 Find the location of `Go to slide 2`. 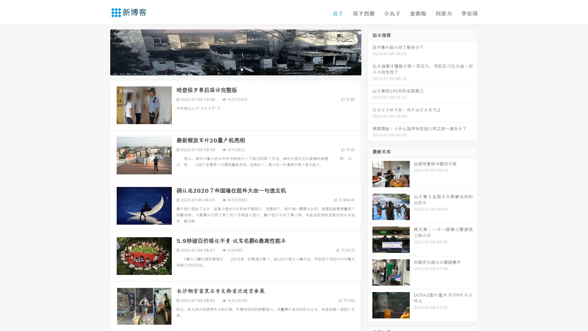

Go to slide 2 is located at coordinates (235, 69).